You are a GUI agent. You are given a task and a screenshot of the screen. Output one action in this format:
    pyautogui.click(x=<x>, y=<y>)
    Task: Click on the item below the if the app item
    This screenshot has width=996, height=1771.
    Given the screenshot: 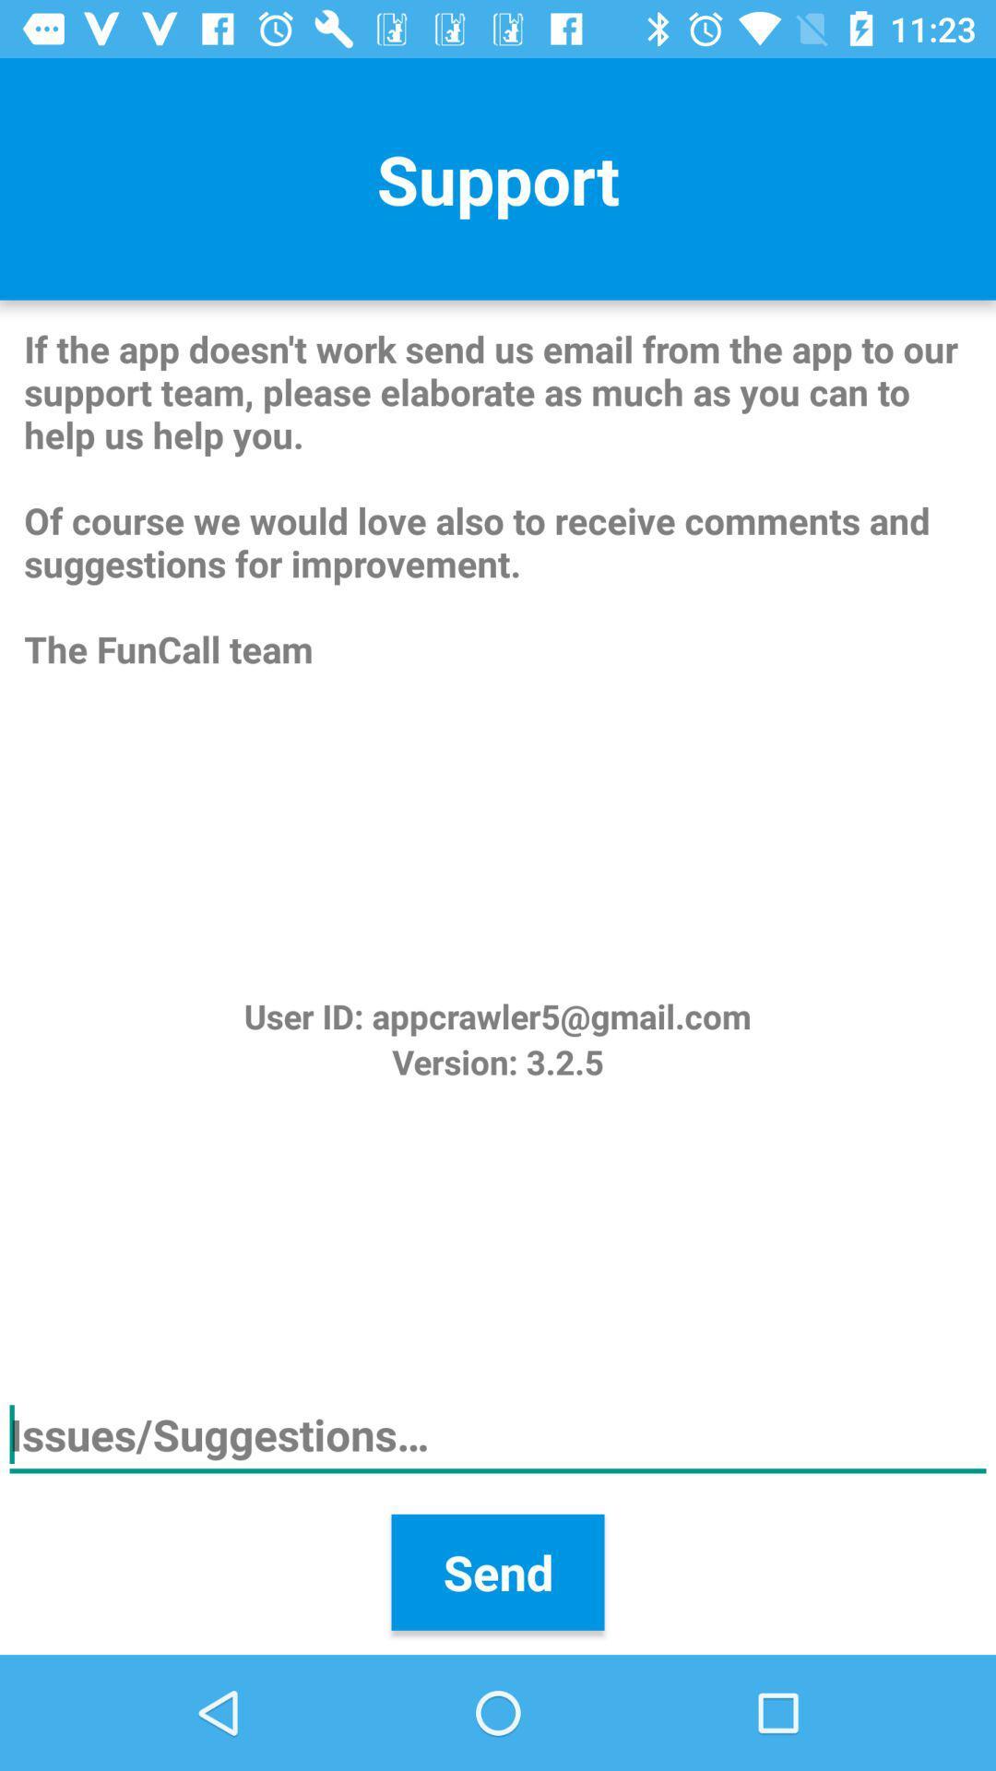 What is the action you would take?
    pyautogui.click(x=496, y=1015)
    